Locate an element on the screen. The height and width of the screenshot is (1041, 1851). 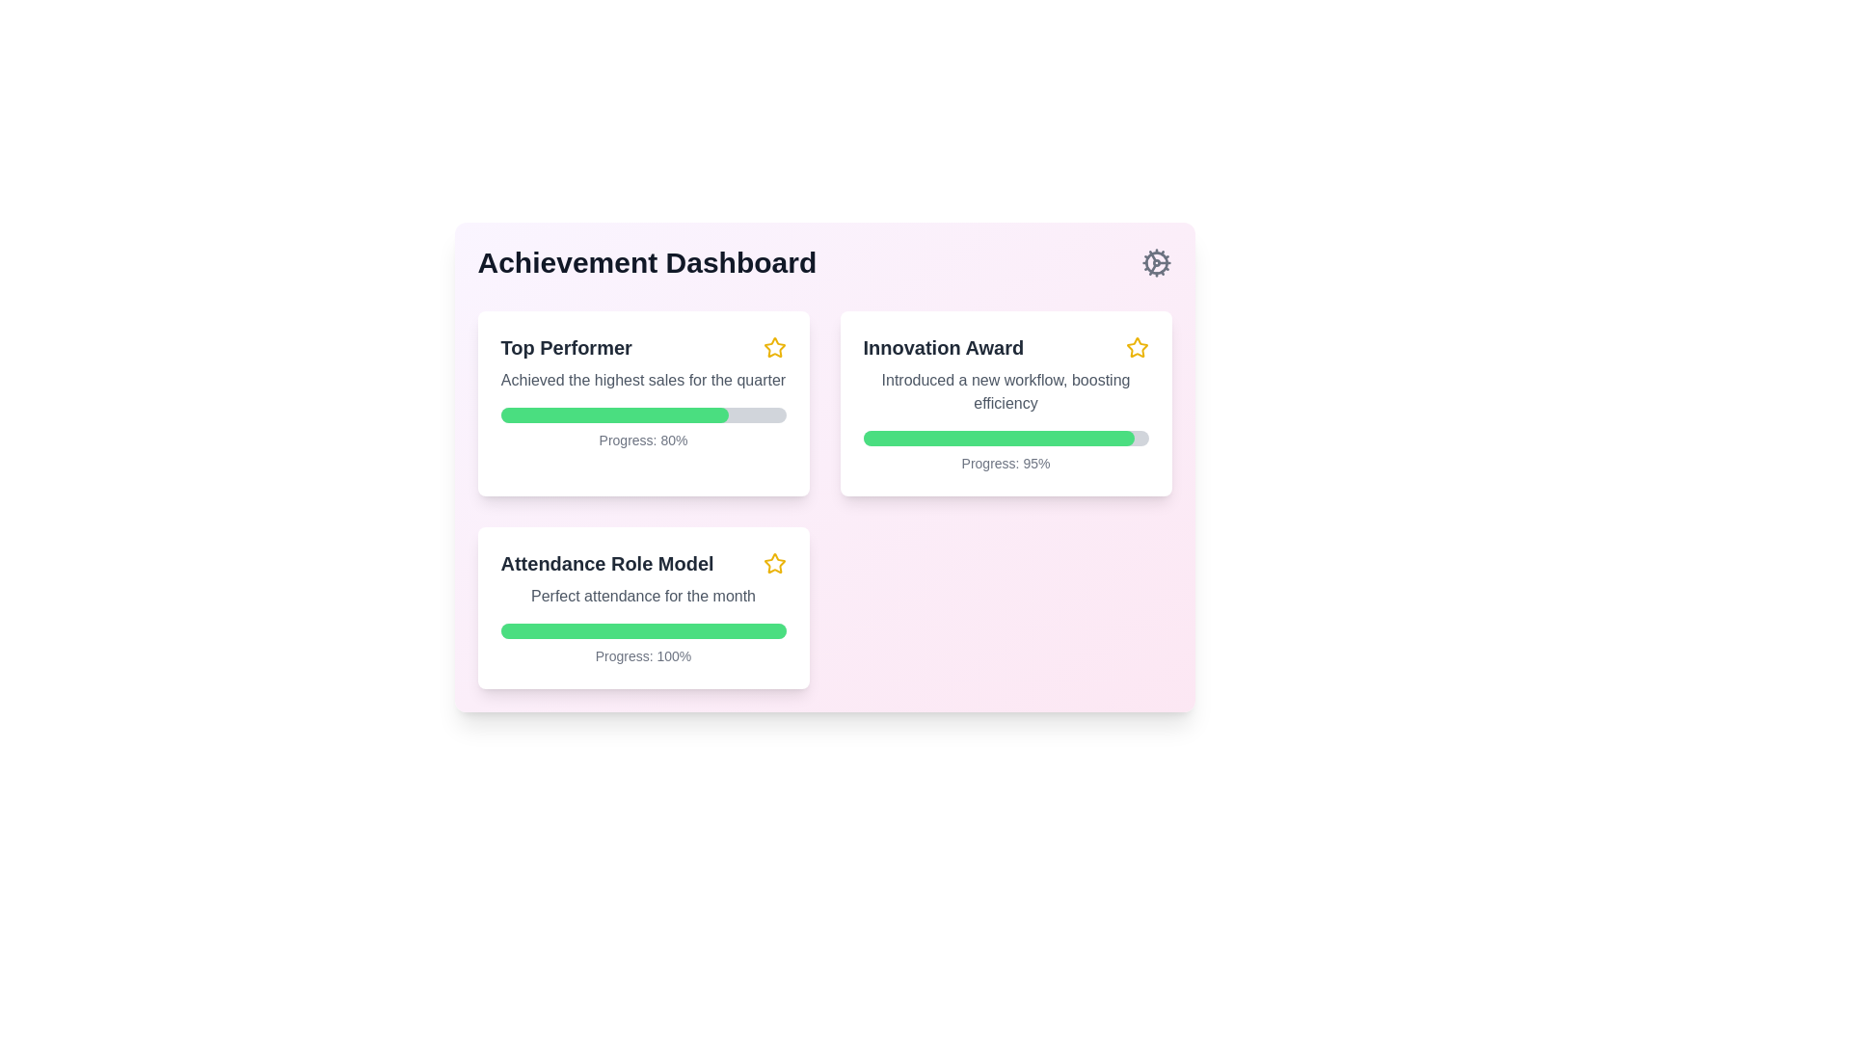
the Text Label that serves as the title for the card labeled 'Innovation Award', which is positioned in the top-left corner of the card is located at coordinates (943, 348).